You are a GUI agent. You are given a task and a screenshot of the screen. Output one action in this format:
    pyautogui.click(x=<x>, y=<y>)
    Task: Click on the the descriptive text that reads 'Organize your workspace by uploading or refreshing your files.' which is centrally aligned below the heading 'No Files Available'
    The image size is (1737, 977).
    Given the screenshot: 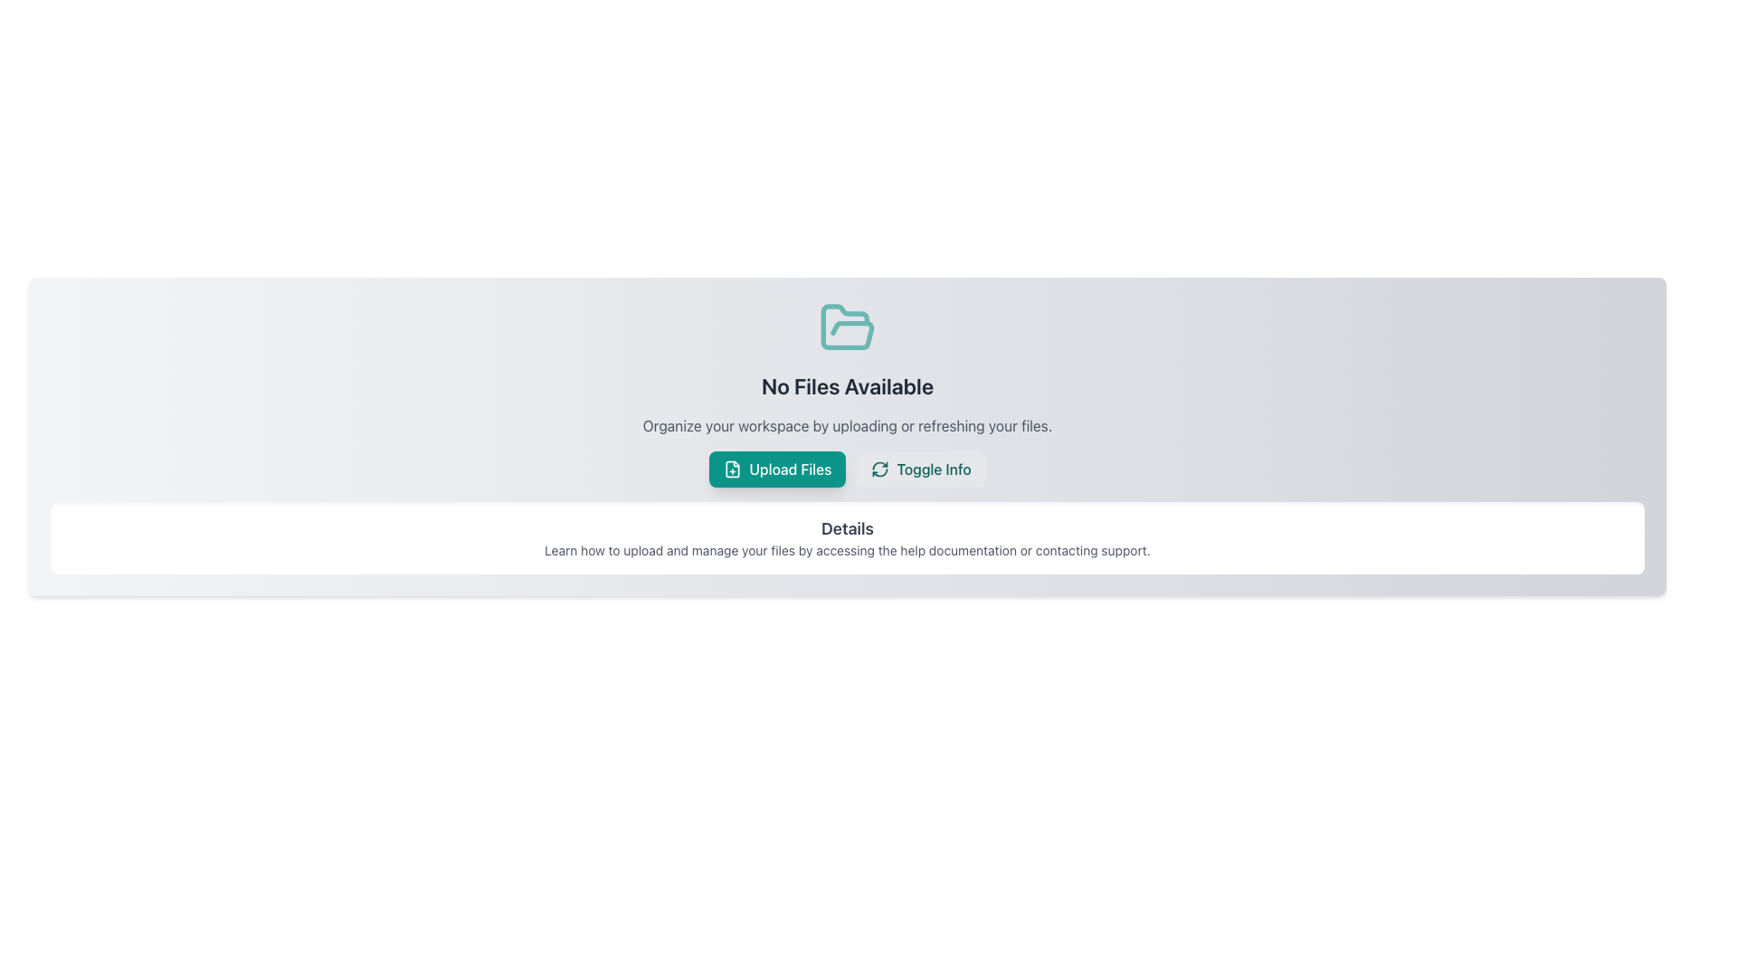 What is the action you would take?
    pyautogui.click(x=846, y=425)
    